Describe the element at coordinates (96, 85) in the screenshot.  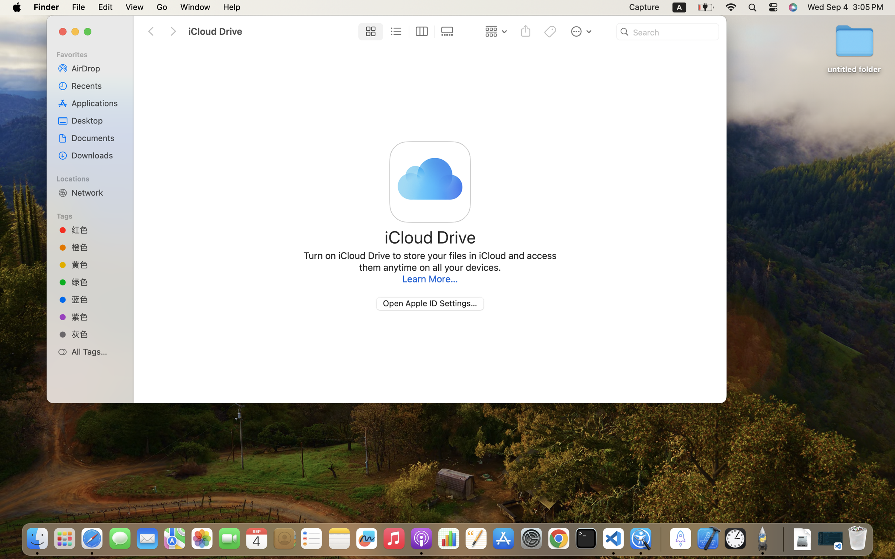
I see `'Recents'` at that location.